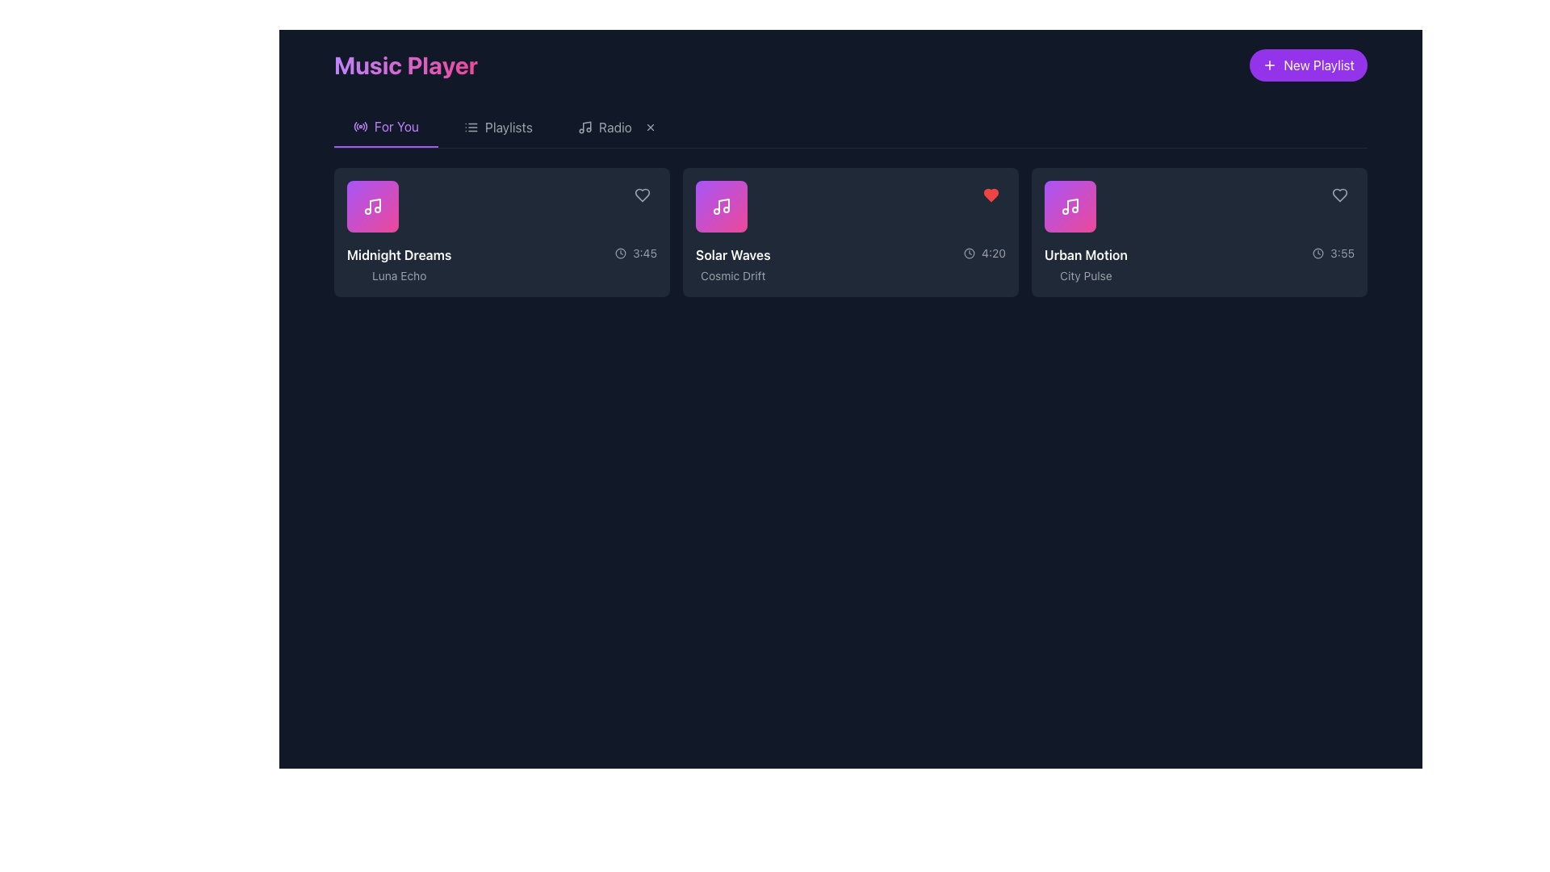 Image resolution: width=1550 pixels, height=872 pixels. What do you see at coordinates (720, 205) in the screenshot?
I see `the music note icon located centrally within the second card labeled 'Solar Waves' in the music player interface` at bounding box center [720, 205].